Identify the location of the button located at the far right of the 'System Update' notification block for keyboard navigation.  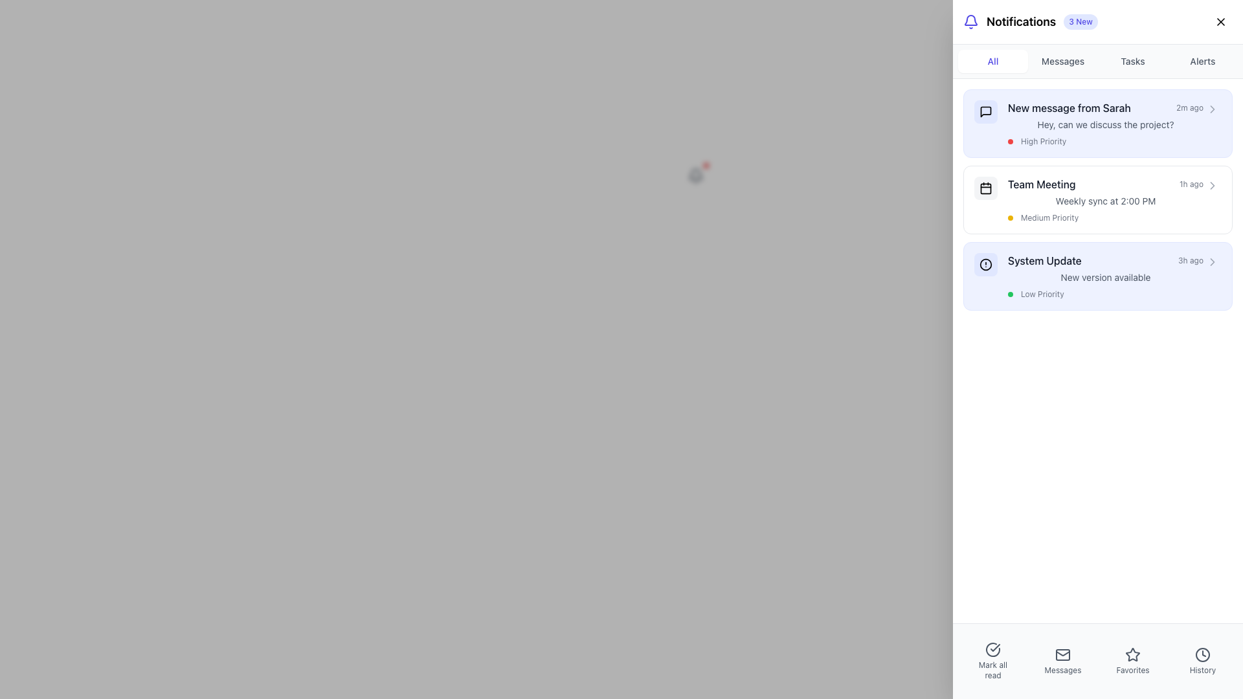
(1211, 262).